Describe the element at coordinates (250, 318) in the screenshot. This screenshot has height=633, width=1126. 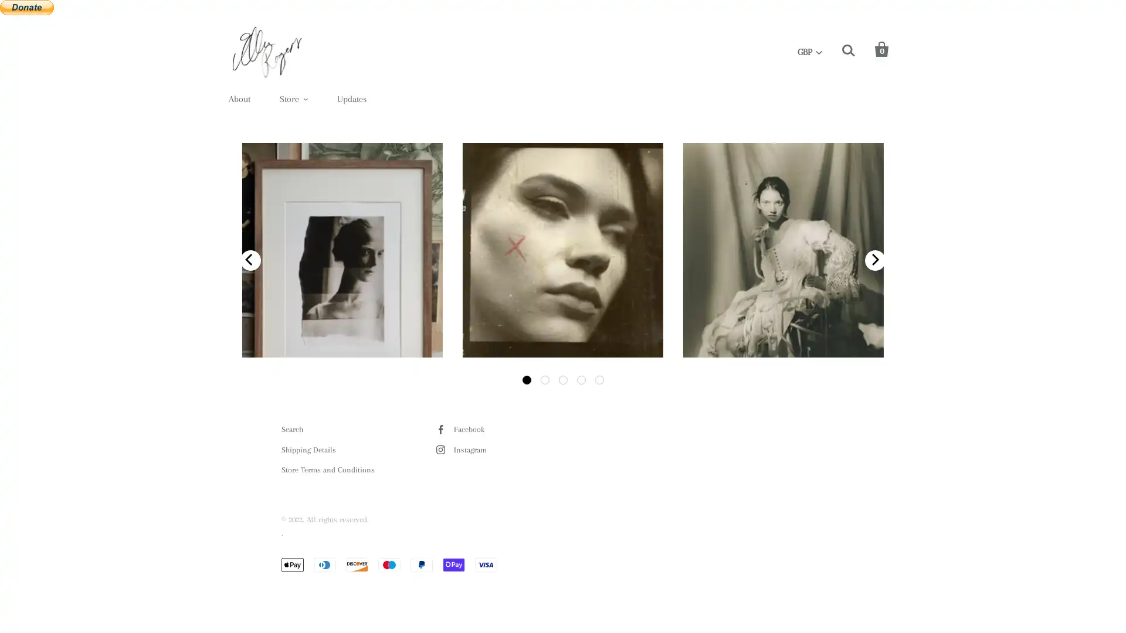
I see `previous` at that location.